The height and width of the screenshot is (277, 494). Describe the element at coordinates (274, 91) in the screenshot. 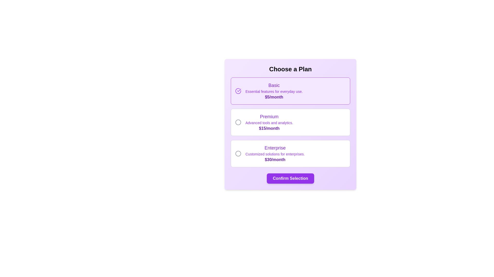

I see `information presented in the Information Display that shows the subscription plan titled 'Basic', including its description and price` at that location.